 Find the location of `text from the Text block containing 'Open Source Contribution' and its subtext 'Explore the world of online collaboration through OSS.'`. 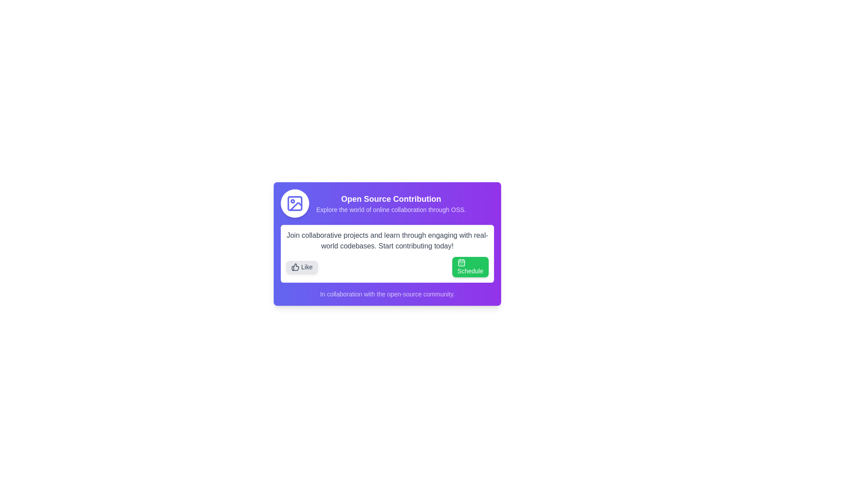

text from the Text block containing 'Open Source Contribution' and its subtext 'Explore the world of online collaboration through OSS.' is located at coordinates (387, 204).